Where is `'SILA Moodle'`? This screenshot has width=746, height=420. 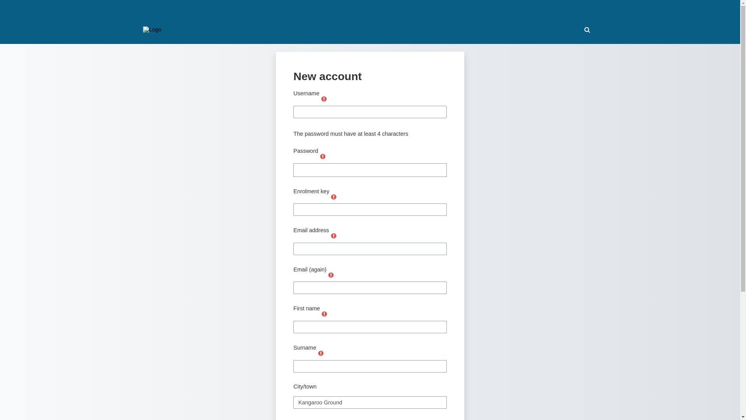
'SILA Moodle' is located at coordinates (152, 29).